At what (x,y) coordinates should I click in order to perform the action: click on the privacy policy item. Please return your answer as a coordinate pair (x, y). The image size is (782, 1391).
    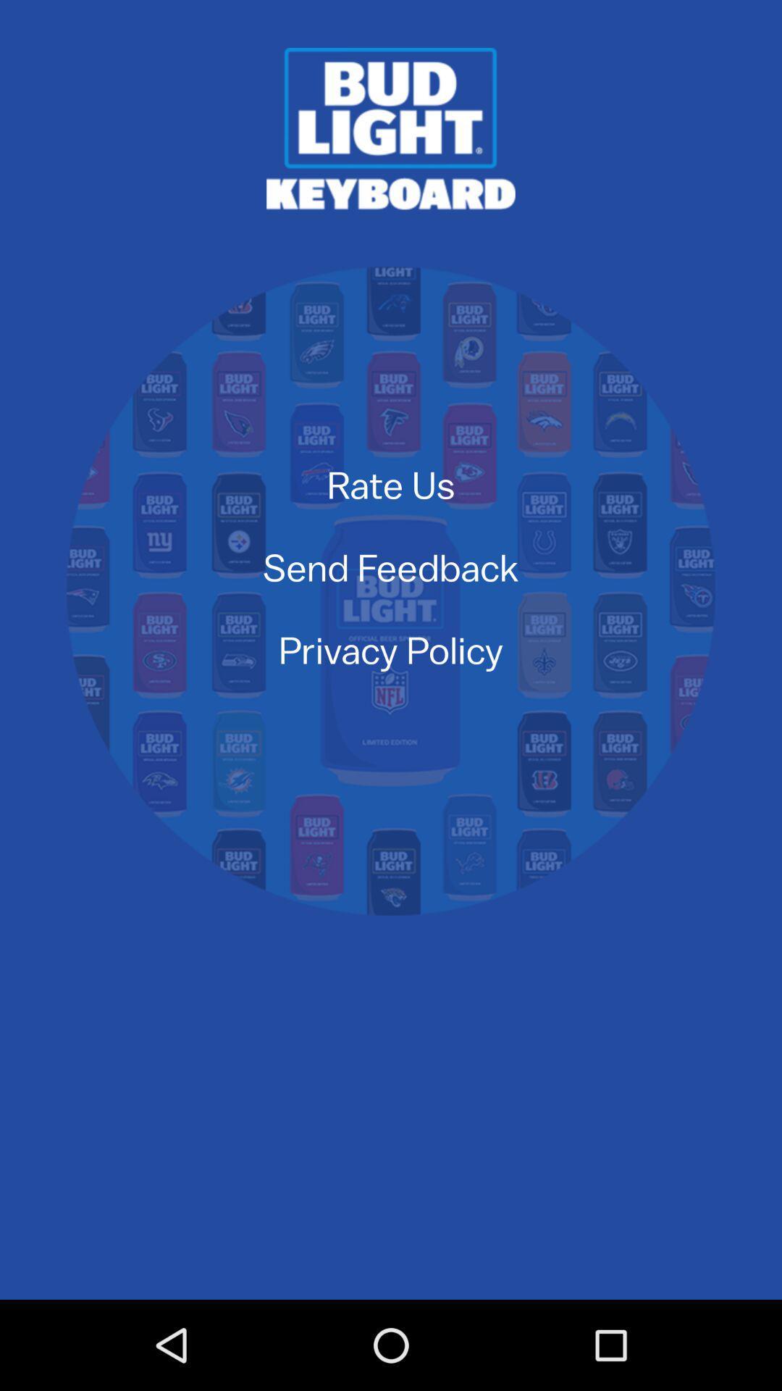
    Looking at the image, I should click on (391, 649).